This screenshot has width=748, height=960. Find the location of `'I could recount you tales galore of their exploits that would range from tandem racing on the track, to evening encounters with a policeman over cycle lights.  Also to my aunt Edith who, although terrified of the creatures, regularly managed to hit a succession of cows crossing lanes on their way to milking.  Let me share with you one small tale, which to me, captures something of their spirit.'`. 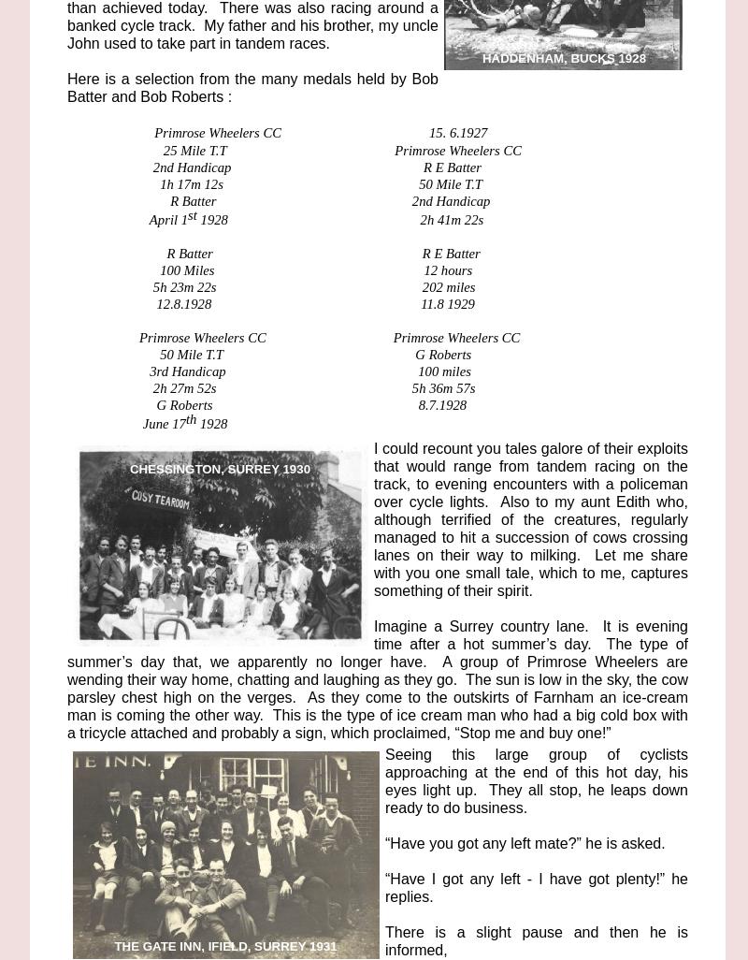

'I could recount you tales galore of their exploits that would range from tandem racing on the track, to evening encounters with a policeman over cycle lights.  Also to my aunt Edith who, although terrified of the creatures, regularly managed to hit a succession of cows crossing lanes on their way to milking.  Let me share with you one small tale, which to me, captures something of their spirit.' is located at coordinates (530, 519).